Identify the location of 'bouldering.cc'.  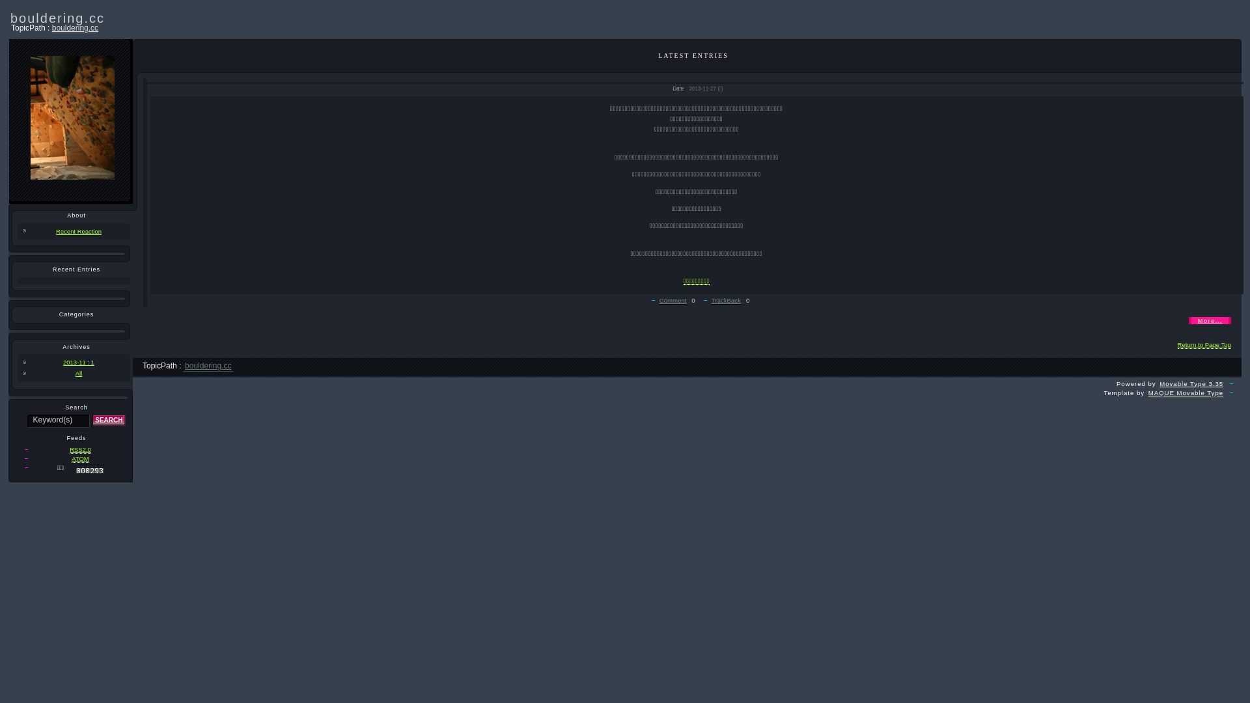
(74, 28).